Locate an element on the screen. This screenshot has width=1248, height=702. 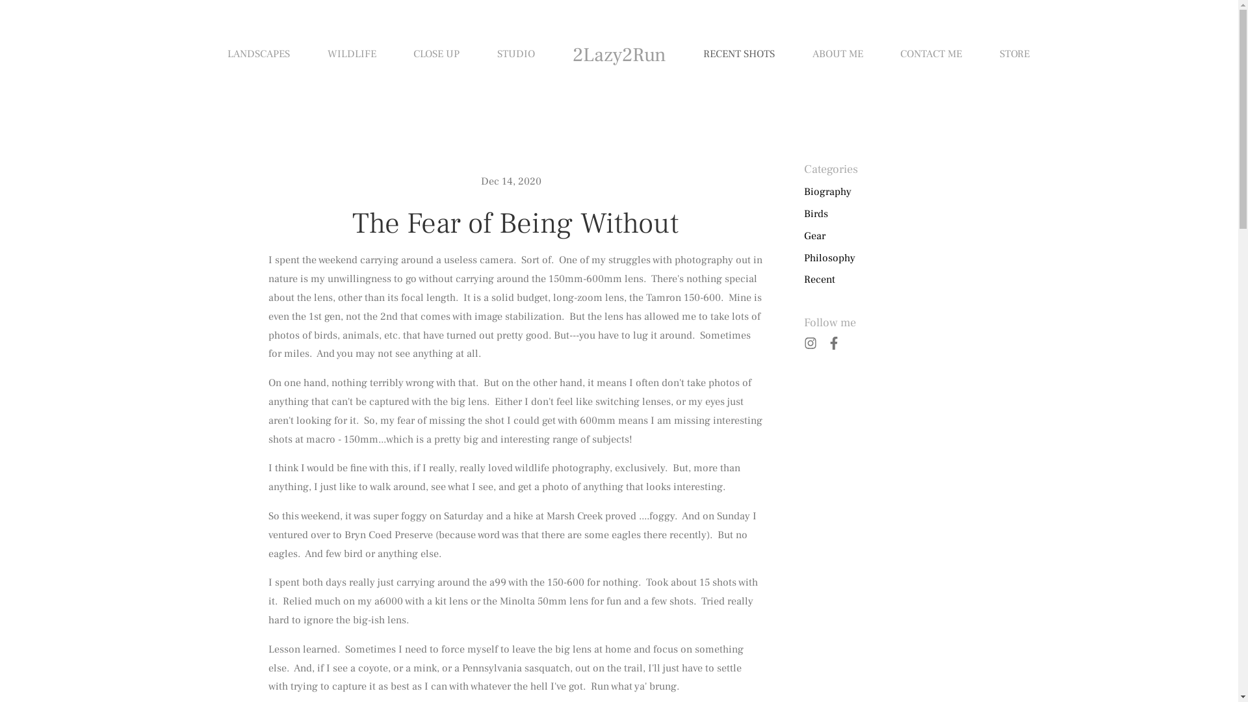
'2Lazy2Run' is located at coordinates (617, 54).